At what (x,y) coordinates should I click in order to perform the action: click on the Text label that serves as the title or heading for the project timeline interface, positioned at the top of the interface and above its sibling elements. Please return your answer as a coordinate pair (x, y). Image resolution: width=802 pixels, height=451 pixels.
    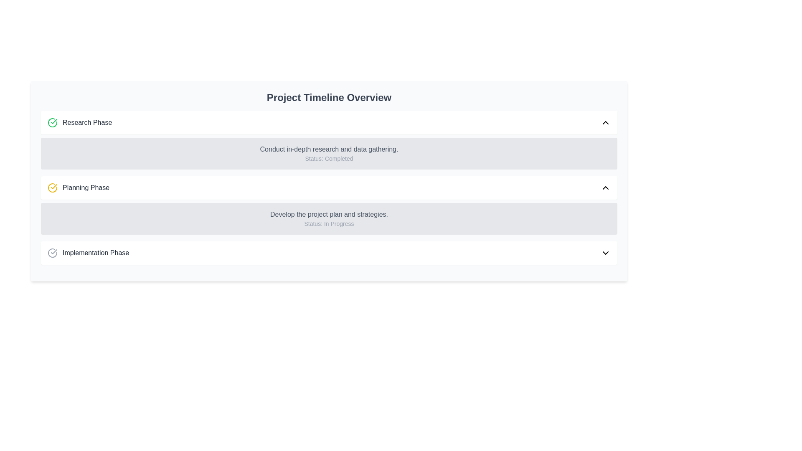
    Looking at the image, I should click on (328, 97).